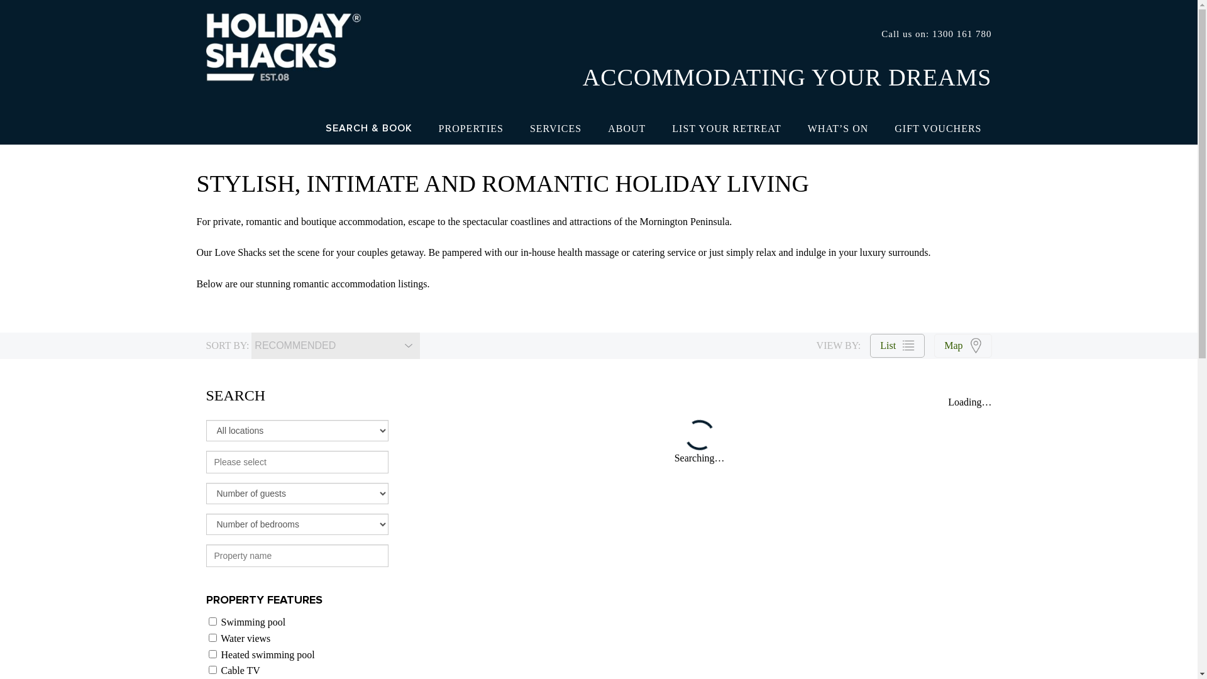  I want to click on 'ABOUT', so click(627, 128).